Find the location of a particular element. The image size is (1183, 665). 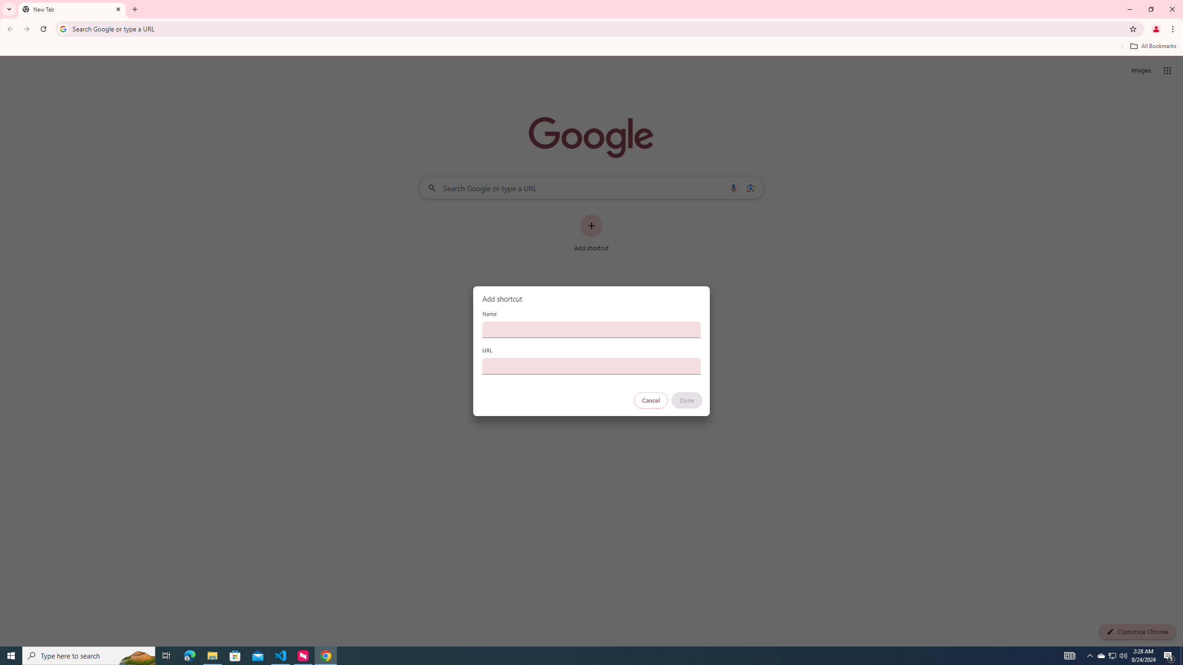

'Name' is located at coordinates (591, 329).